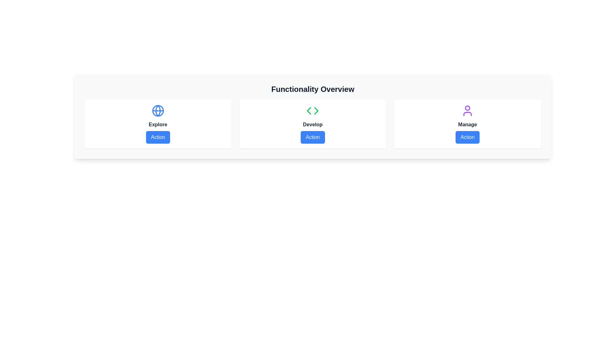  I want to click on the lower portion of the user icon SVG component, which serves as a circular base for the head, located in the rightmost 'Manage' card, so click(468, 114).